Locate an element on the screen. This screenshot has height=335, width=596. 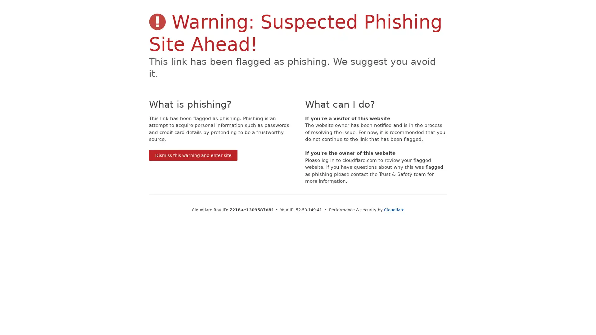
Dismiss this warning and enter site is located at coordinates (193, 155).